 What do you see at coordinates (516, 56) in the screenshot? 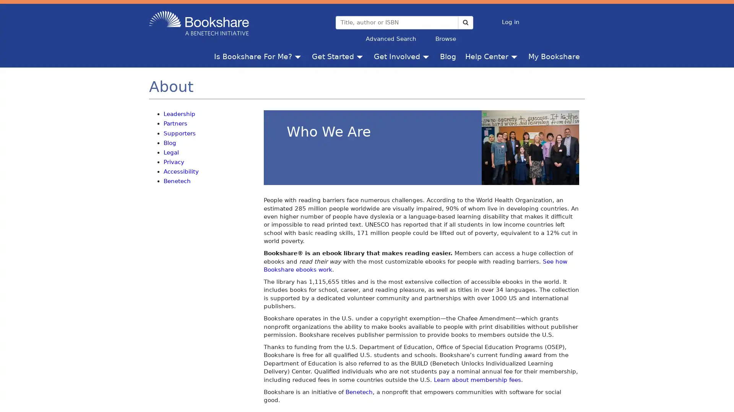
I see `Help Center menu` at bounding box center [516, 56].